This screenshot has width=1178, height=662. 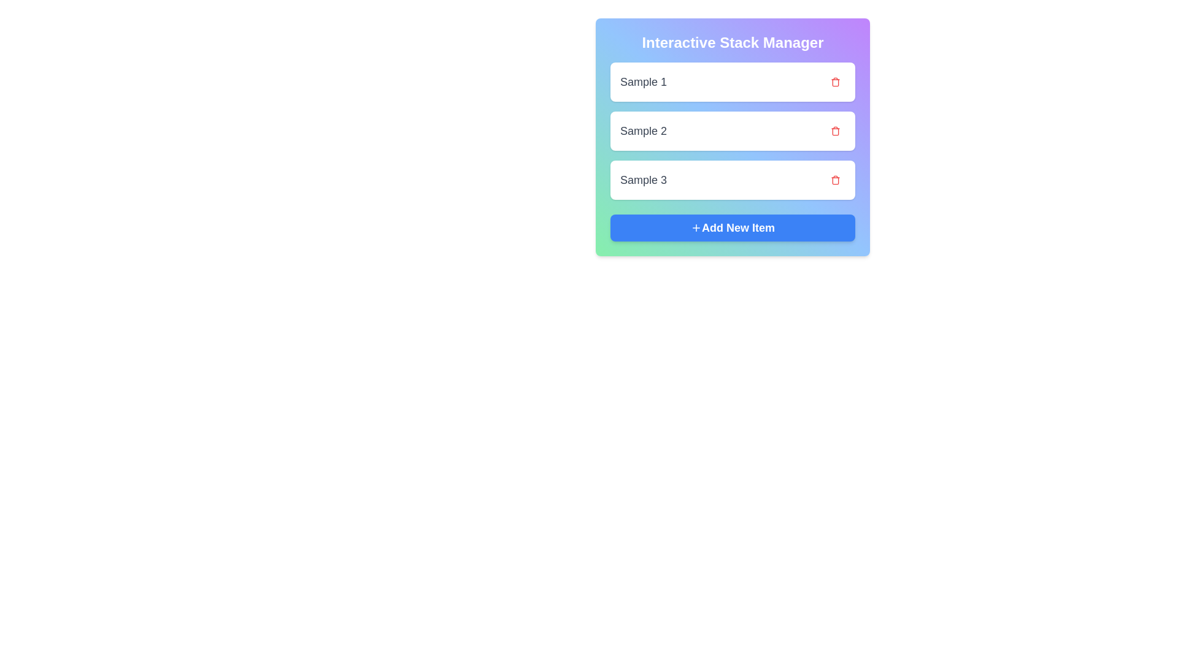 I want to click on the text label that identifies the third item in the 'Interactive Stack Manager' list, located to the left of a red trash icon, so click(x=643, y=180).